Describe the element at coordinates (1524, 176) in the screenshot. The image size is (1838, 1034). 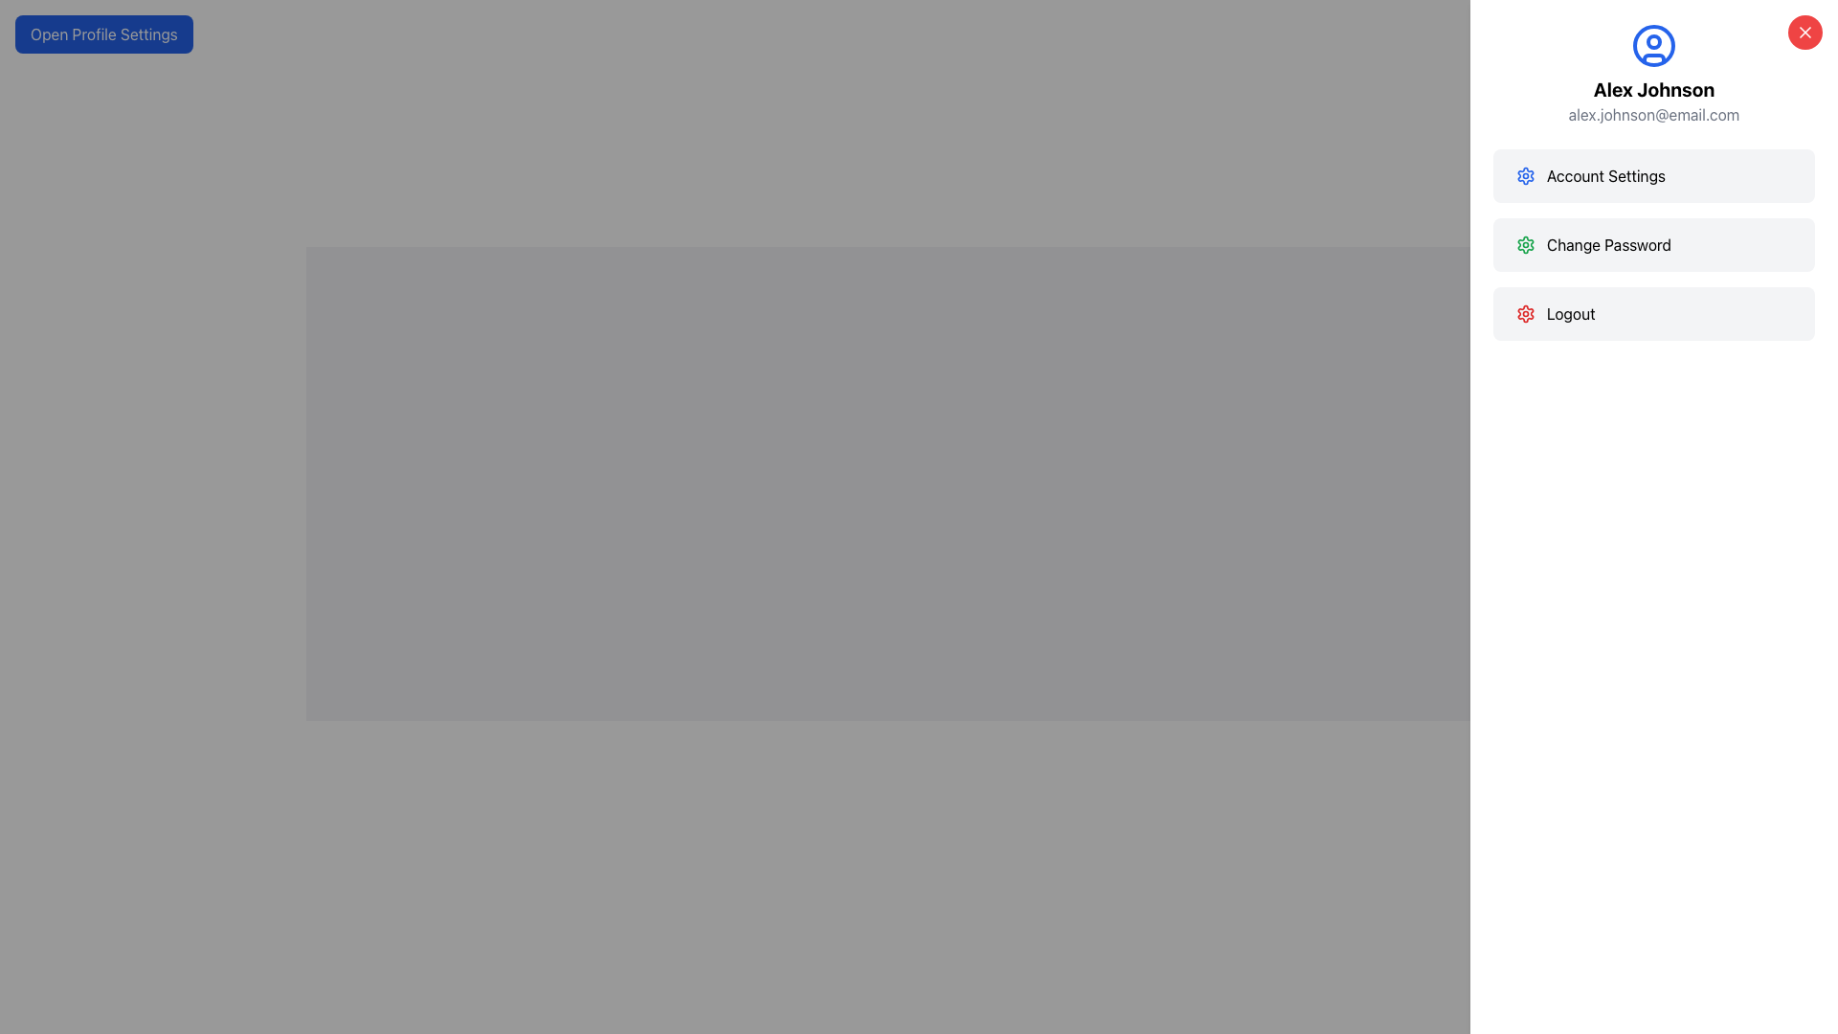
I see `the blue gear icon located to the left of the 'Account Settings' button` at that location.